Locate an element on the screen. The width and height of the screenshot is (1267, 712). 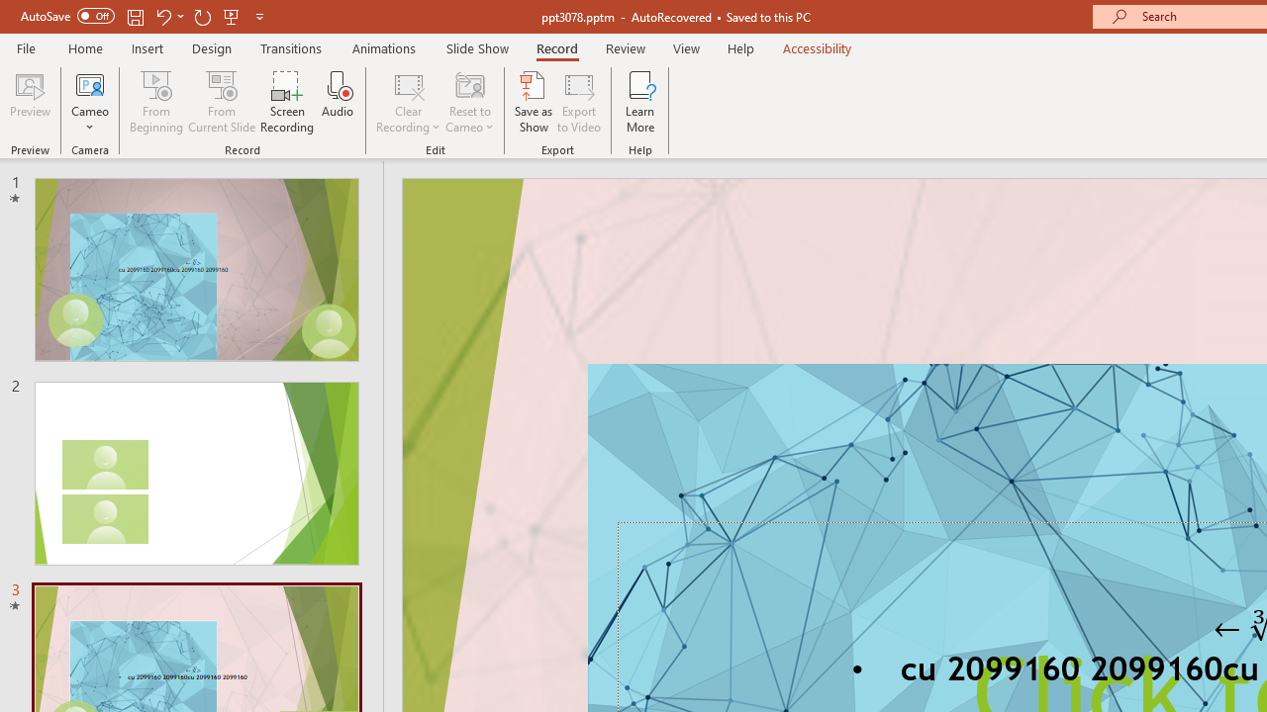
'Preview' is located at coordinates (30, 102).